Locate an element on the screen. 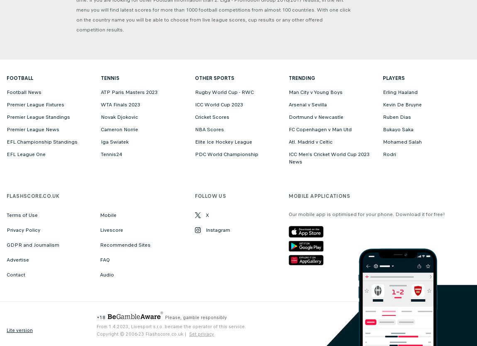 The image size is (477, 346). 'Elite Ice Hockey League' is located at coordinates (194, 142).